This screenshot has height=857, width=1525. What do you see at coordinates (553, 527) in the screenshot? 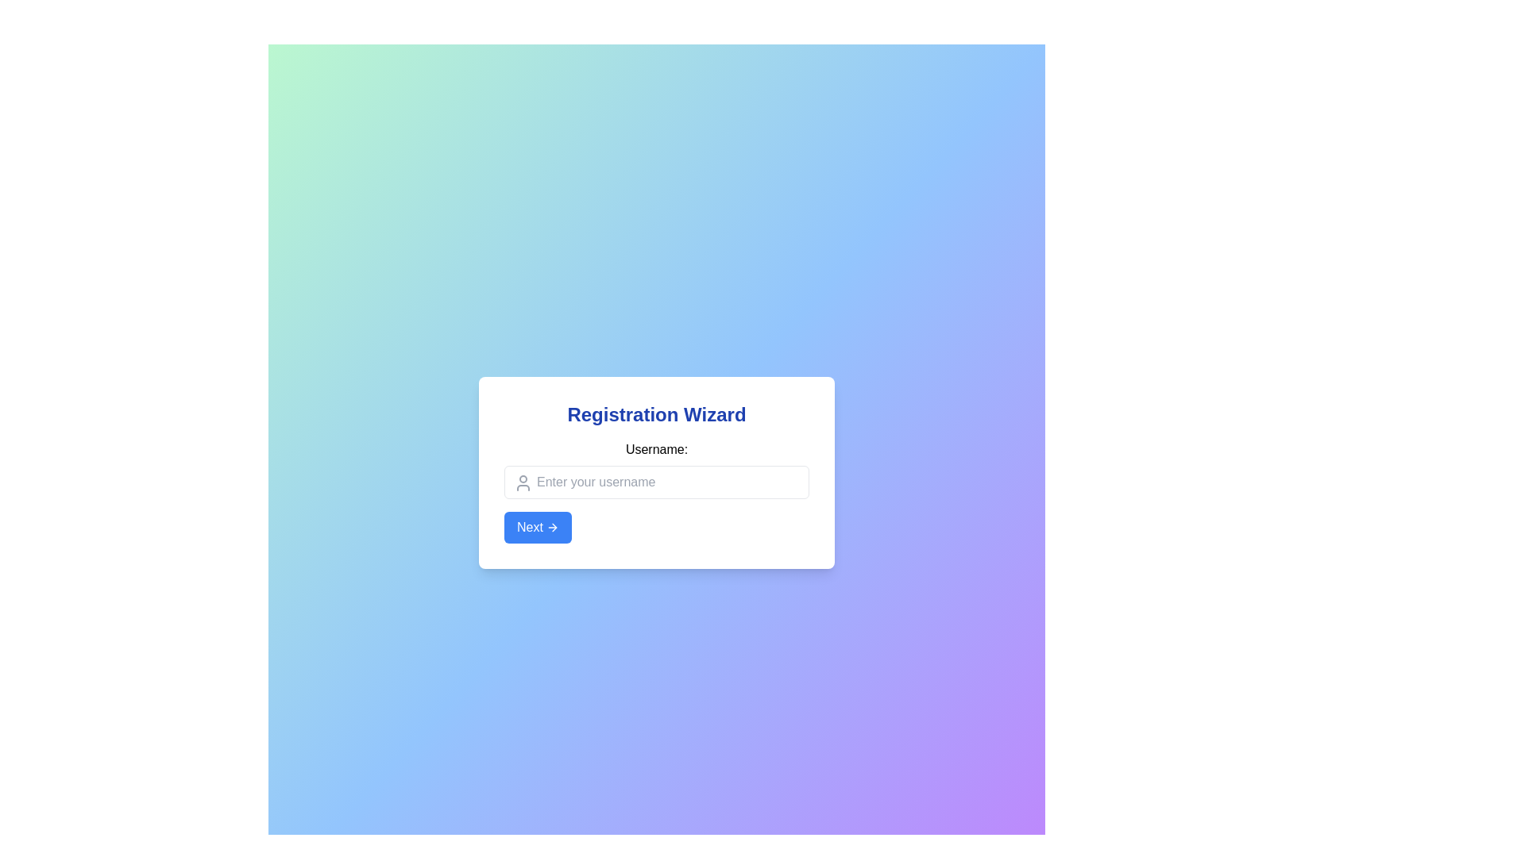
I see `the right-pointing arrow icon embedded within the blue 'Next' button at the bottom of the 'Registration Wizard' form` at bounding box center [553, 527].